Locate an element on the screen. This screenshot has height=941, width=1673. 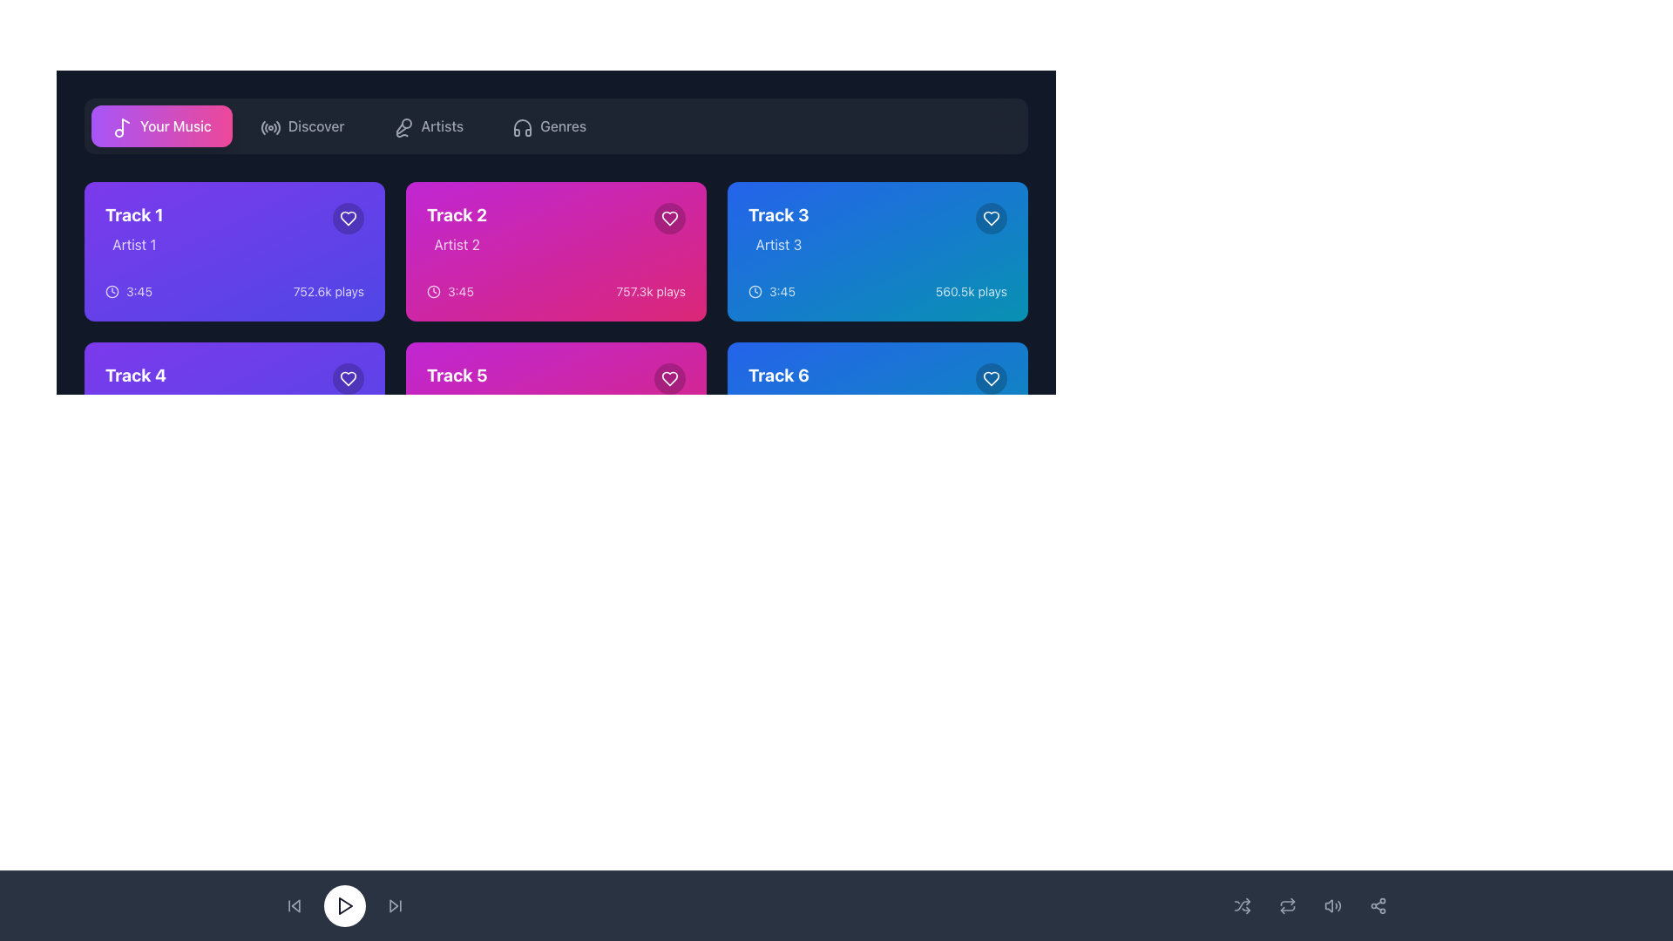
the 'Artists' button, which is the third button in a horizontal row is located at coordinates (428, 125).